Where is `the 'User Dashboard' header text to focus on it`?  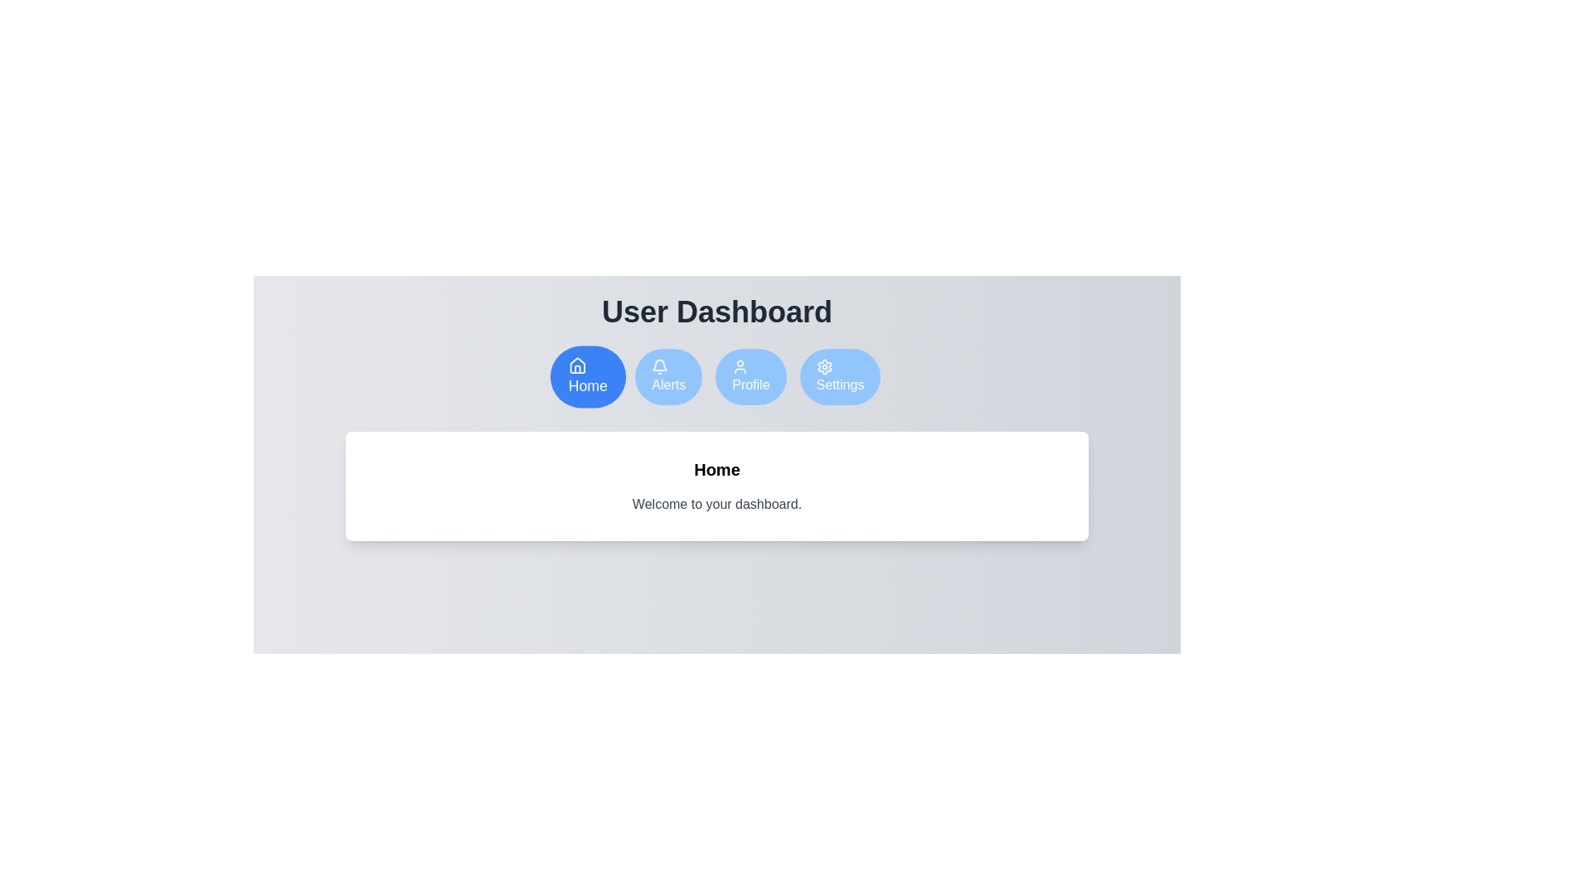
the 'User Dashboard' header text to focus on it is located at coordinates (716, 312).